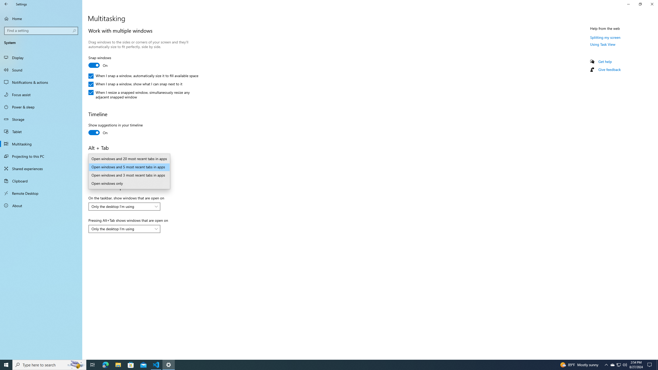  What do you see at coordinates (605, 37) in the screenshot?
I see `'Splitting my screen'` at bounding box center [605, 37].